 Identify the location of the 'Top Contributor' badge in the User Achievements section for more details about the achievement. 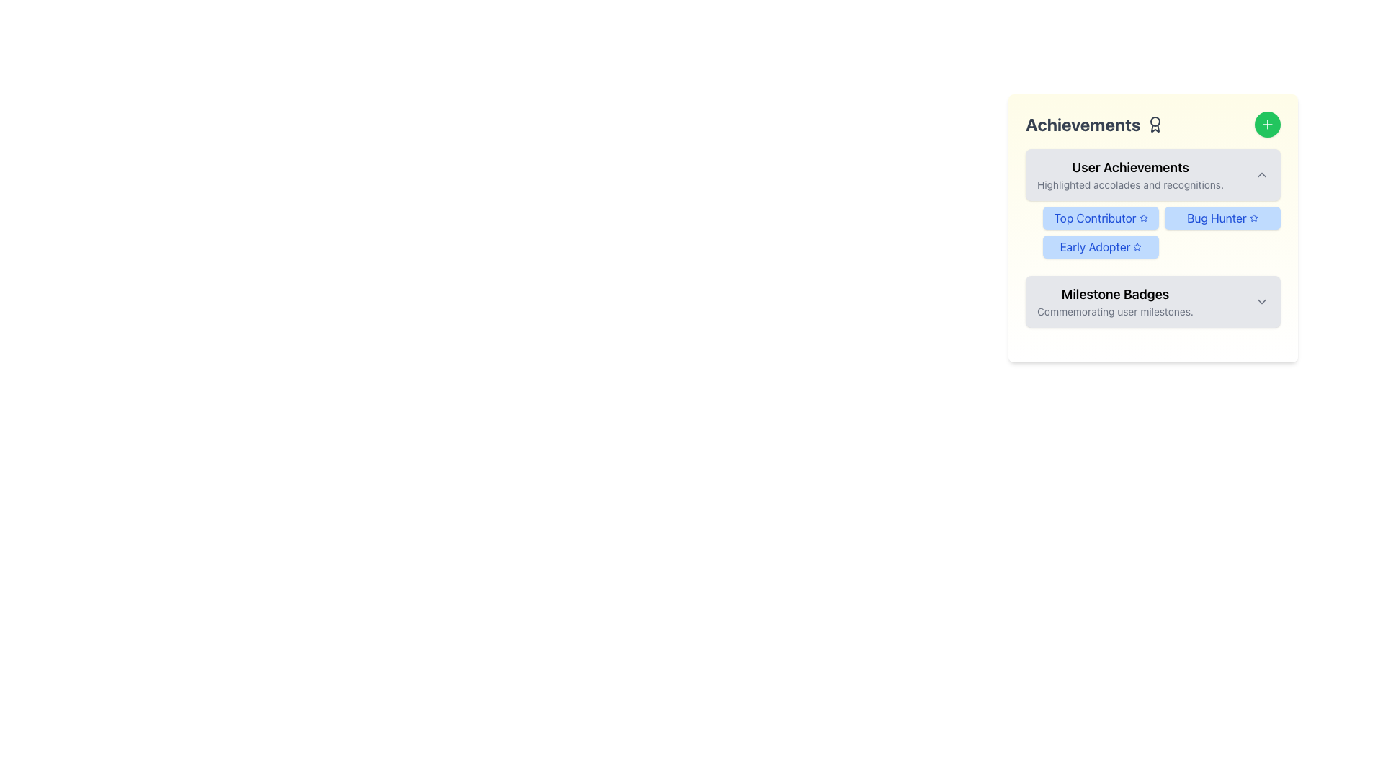
(1153, 232).